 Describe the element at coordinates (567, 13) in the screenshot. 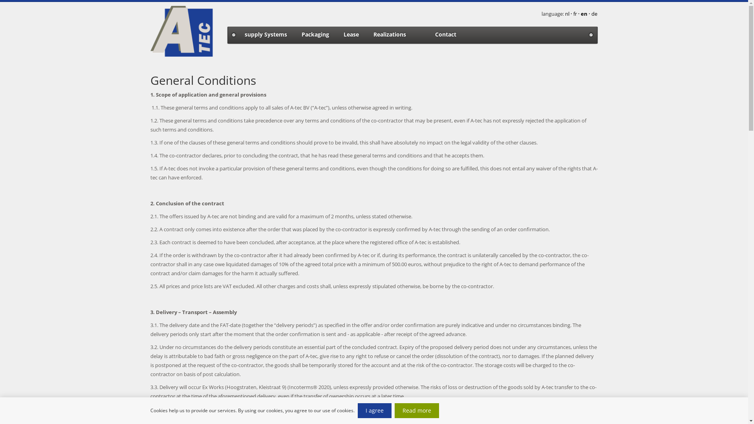

I see `'nl'` at that location.